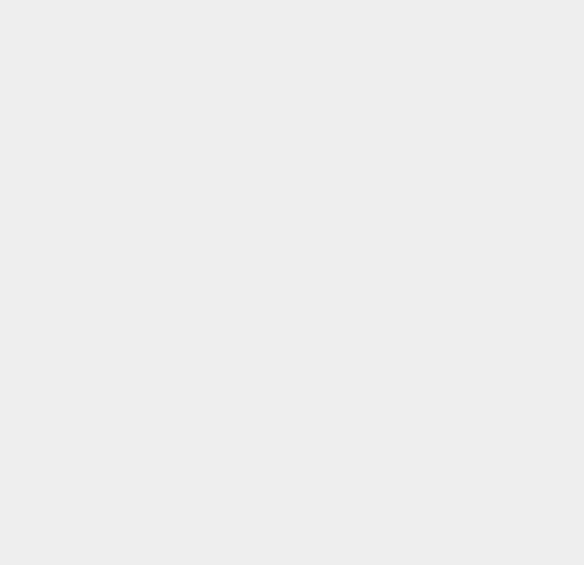 The image size is (584, 565). Describe the element at coordinates (434, 521) in the screenshot. I see `'Android APK'` at that location.